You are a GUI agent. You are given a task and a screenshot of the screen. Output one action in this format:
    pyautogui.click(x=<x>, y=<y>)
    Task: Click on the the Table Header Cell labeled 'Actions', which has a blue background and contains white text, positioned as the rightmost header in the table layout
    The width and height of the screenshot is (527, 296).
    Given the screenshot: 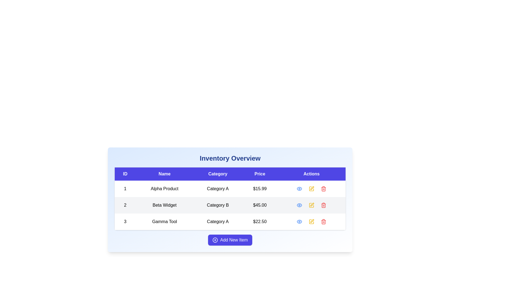 What is the action you would take?
    pyautogui.click(x=312, y=174)
    